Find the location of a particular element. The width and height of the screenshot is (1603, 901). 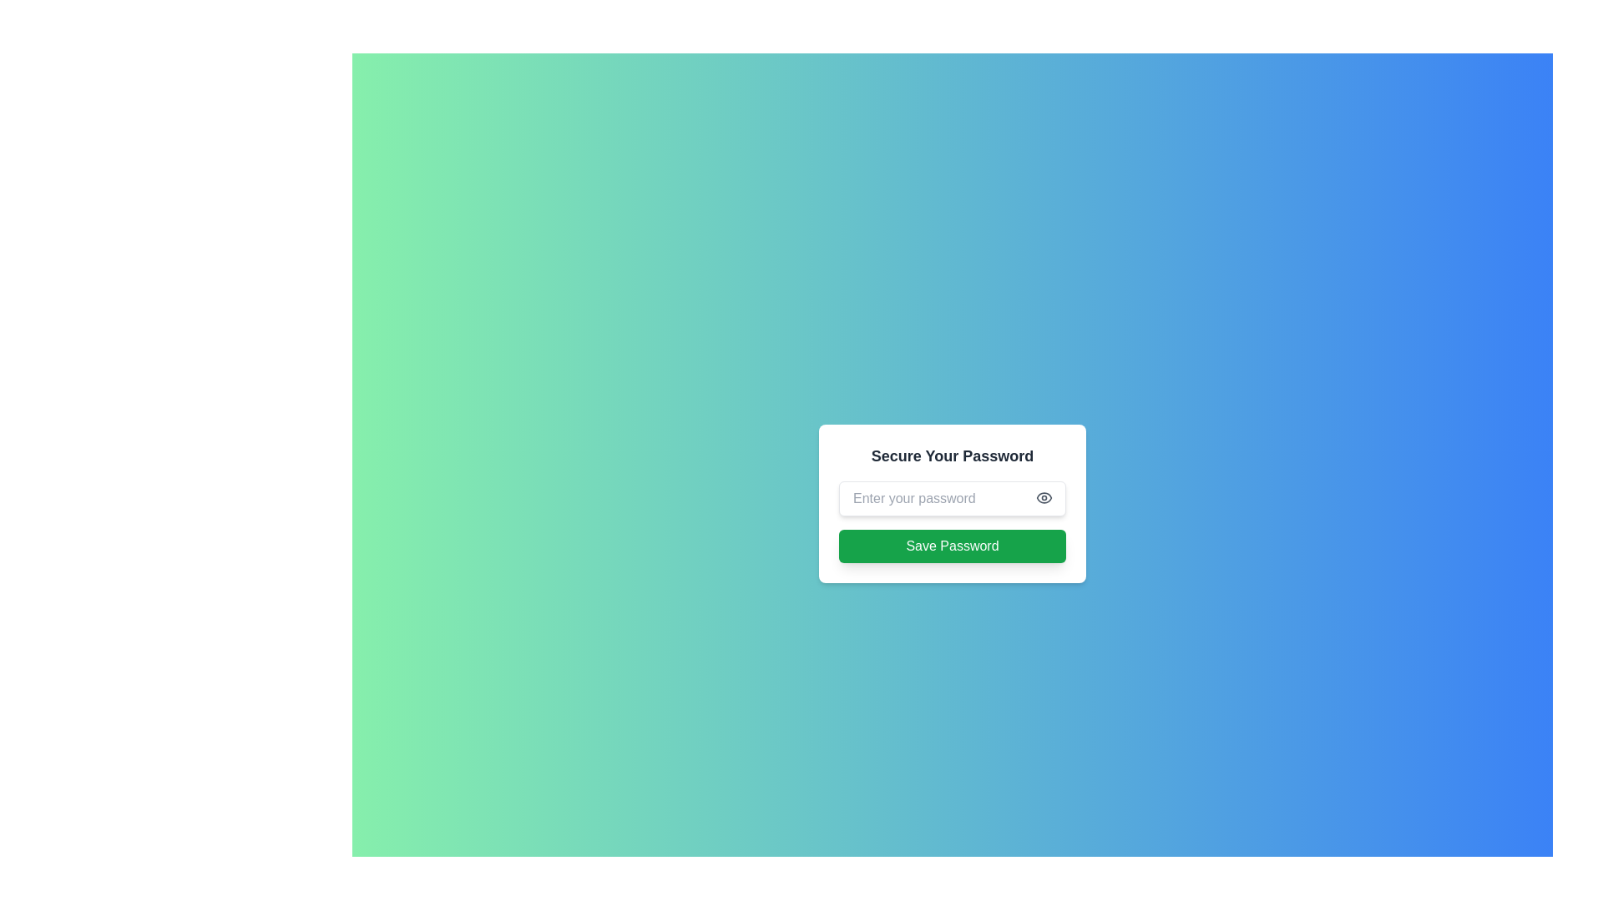

the eye icon button used for toggling password visibility is located at coordinates (1044, 497).